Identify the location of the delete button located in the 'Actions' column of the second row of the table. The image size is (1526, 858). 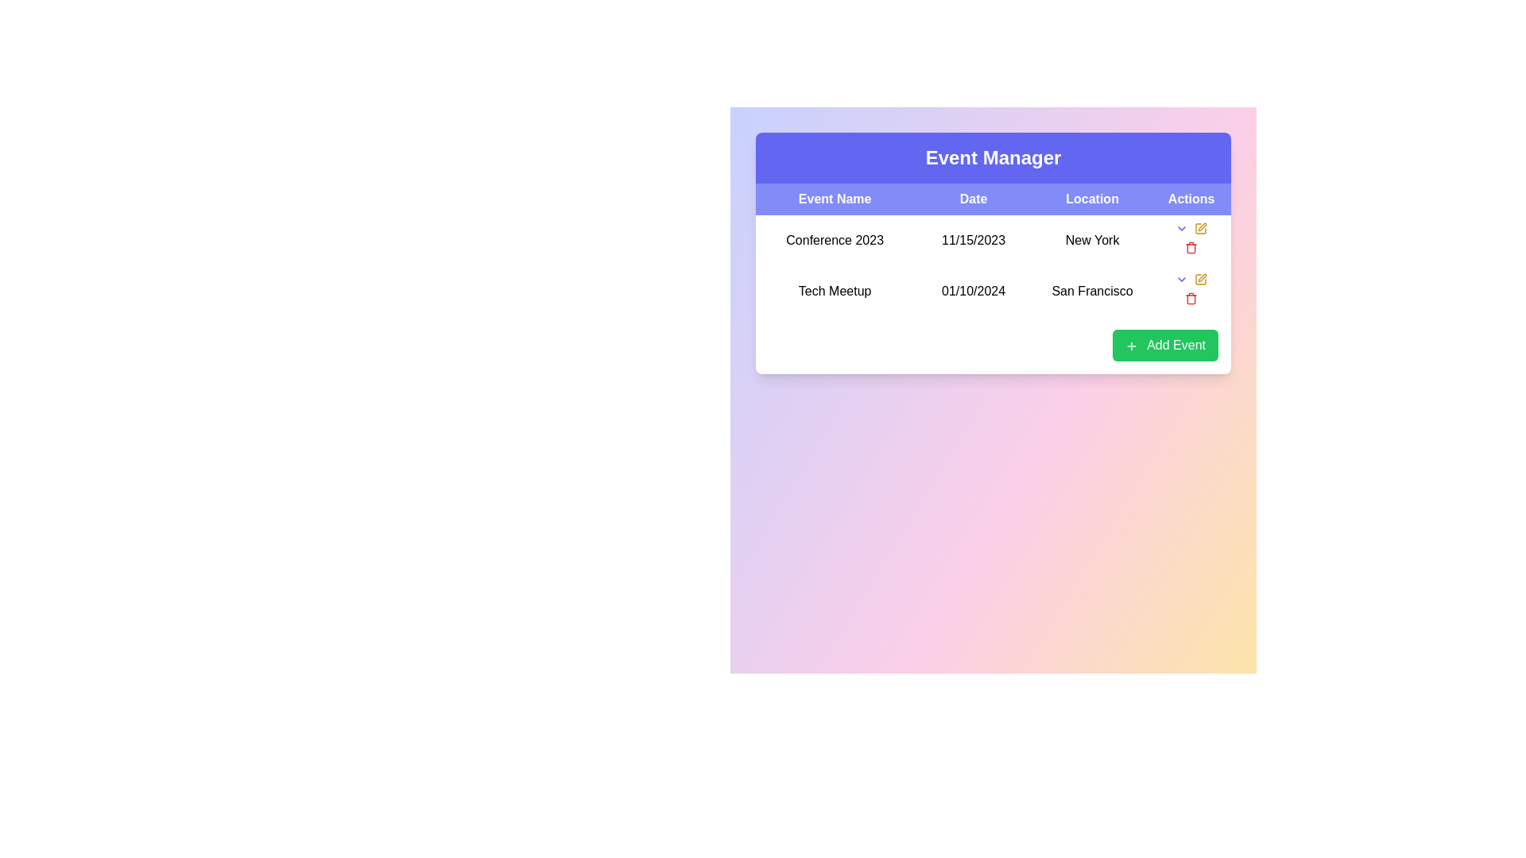
(1191, 248).